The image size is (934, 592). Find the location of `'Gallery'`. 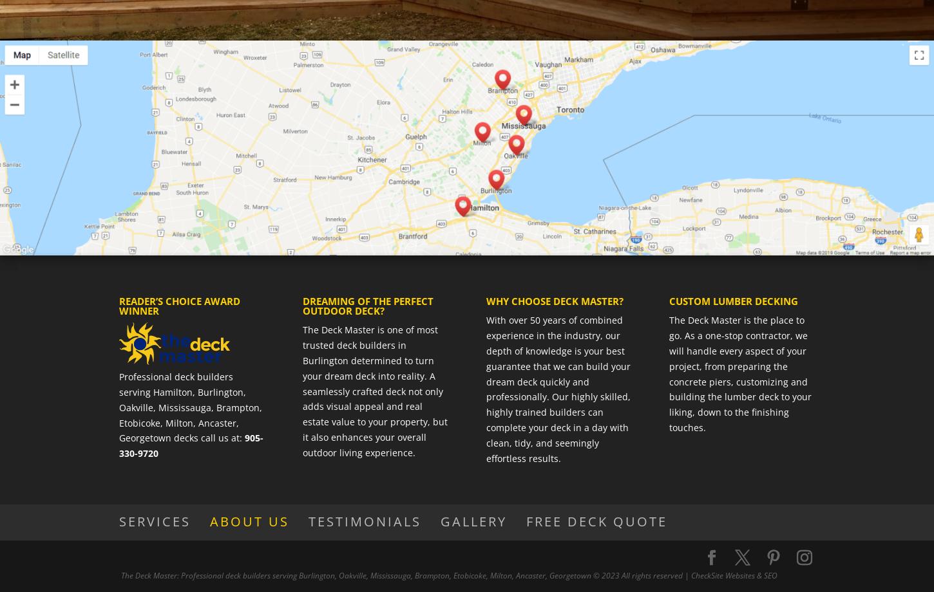

'Gallery' is located at coordinates (473, 520).